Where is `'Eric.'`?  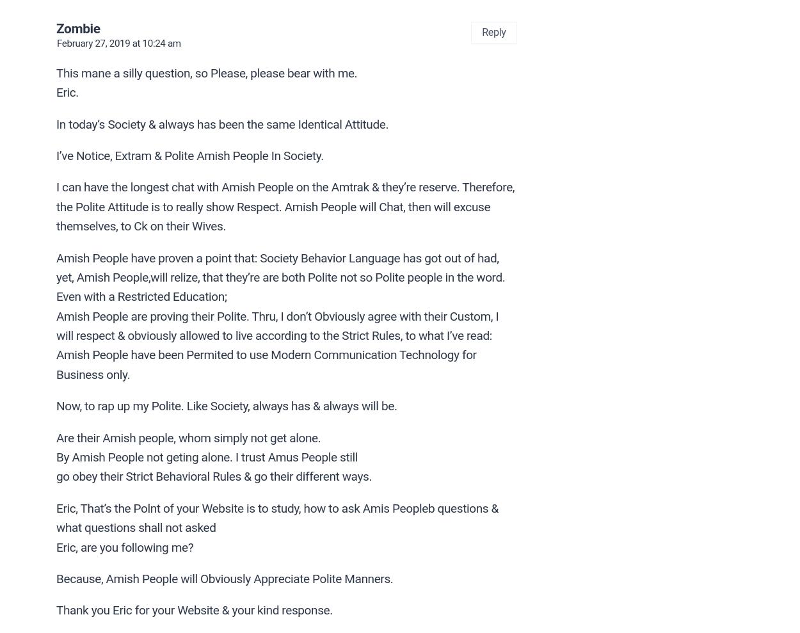 'Eric.' is located at coordinates (56, 92).